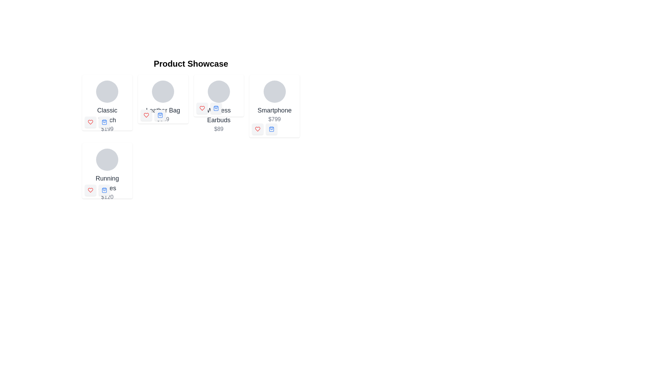  I want to click on the small rectangular button with rounded edges, featuring a blue shopping bag icon, located at the bottom-left corner of the second product card in the product showcase grid, so click(160, 115).